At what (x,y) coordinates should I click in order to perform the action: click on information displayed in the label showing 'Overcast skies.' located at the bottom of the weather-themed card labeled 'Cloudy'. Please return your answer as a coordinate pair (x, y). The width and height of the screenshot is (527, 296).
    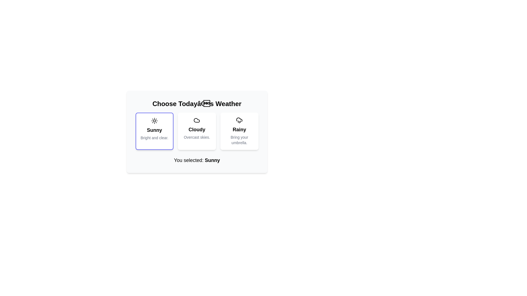
    Looking at the image, I should click on (197, 137).